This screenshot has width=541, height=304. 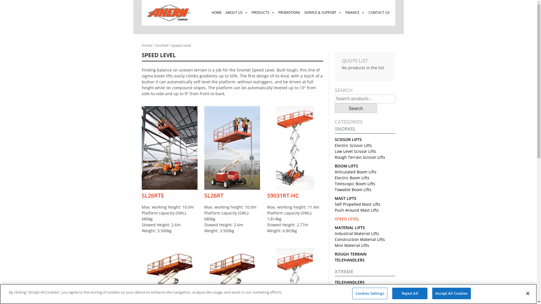 I want to click on 'Articulated Boom Lifts', so click(x=355, y=171).